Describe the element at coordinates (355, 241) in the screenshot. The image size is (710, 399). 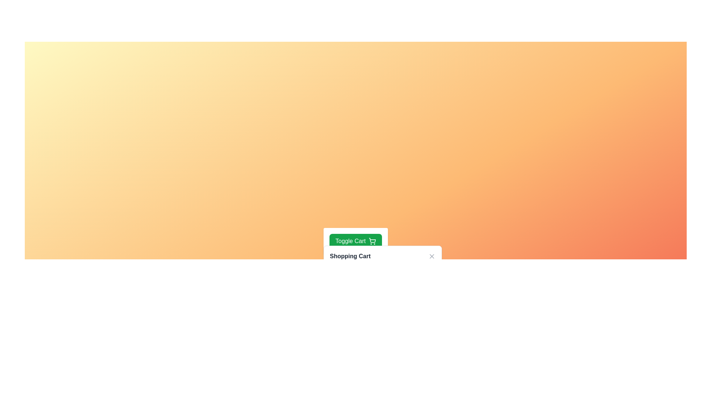
I see `the toggle button for showing or hiding the shopping cart, located centrally near the top of the shopping interface to observe hover effects` at that location.